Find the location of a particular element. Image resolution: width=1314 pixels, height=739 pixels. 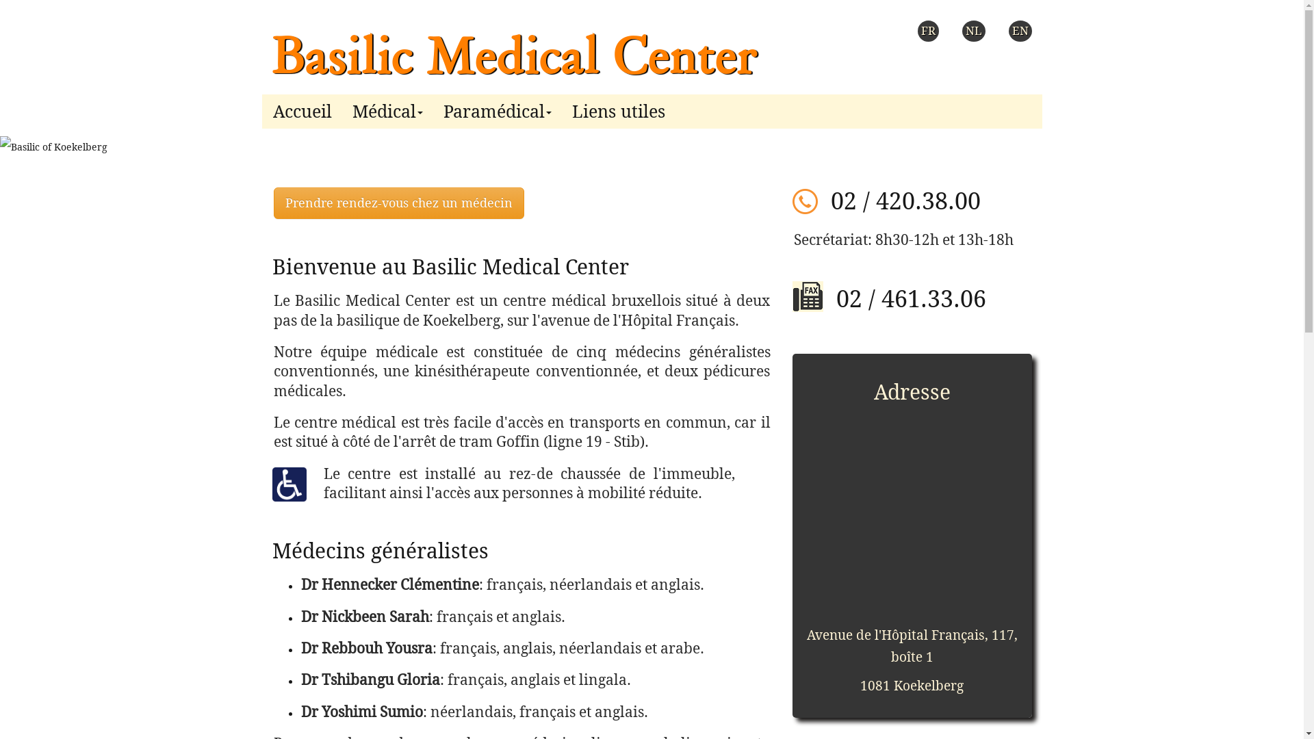

'FR' is located at coordinates (927, 31).